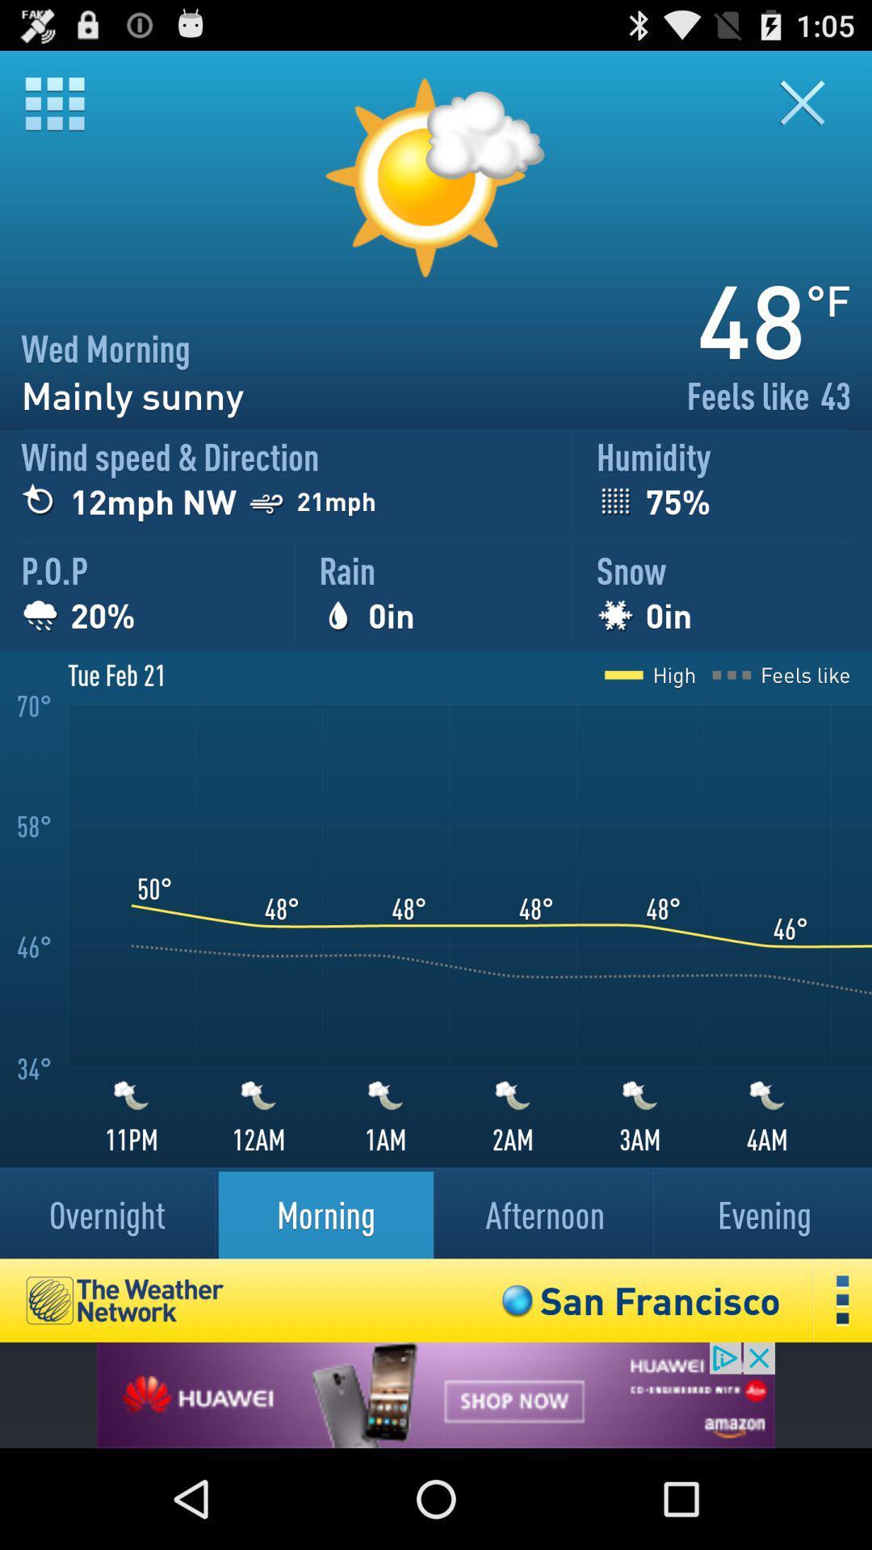  Describe the element at coordinates (842, 1301) in the screenshot. I see `expand menu options` at that location.